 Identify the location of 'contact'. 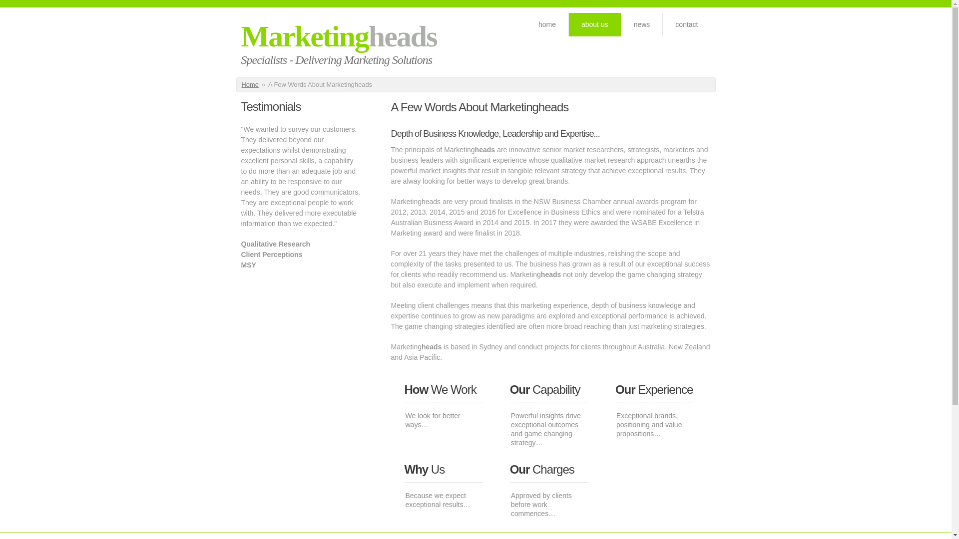
(662, 24).